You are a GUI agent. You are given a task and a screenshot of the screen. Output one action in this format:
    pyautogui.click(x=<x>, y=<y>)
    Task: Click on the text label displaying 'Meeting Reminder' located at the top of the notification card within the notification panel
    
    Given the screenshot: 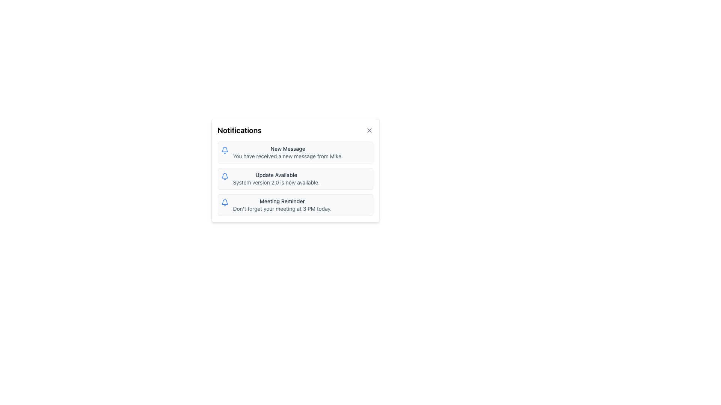 What is the action you would take?
    pyautogui.click(x=282, y=201)
    